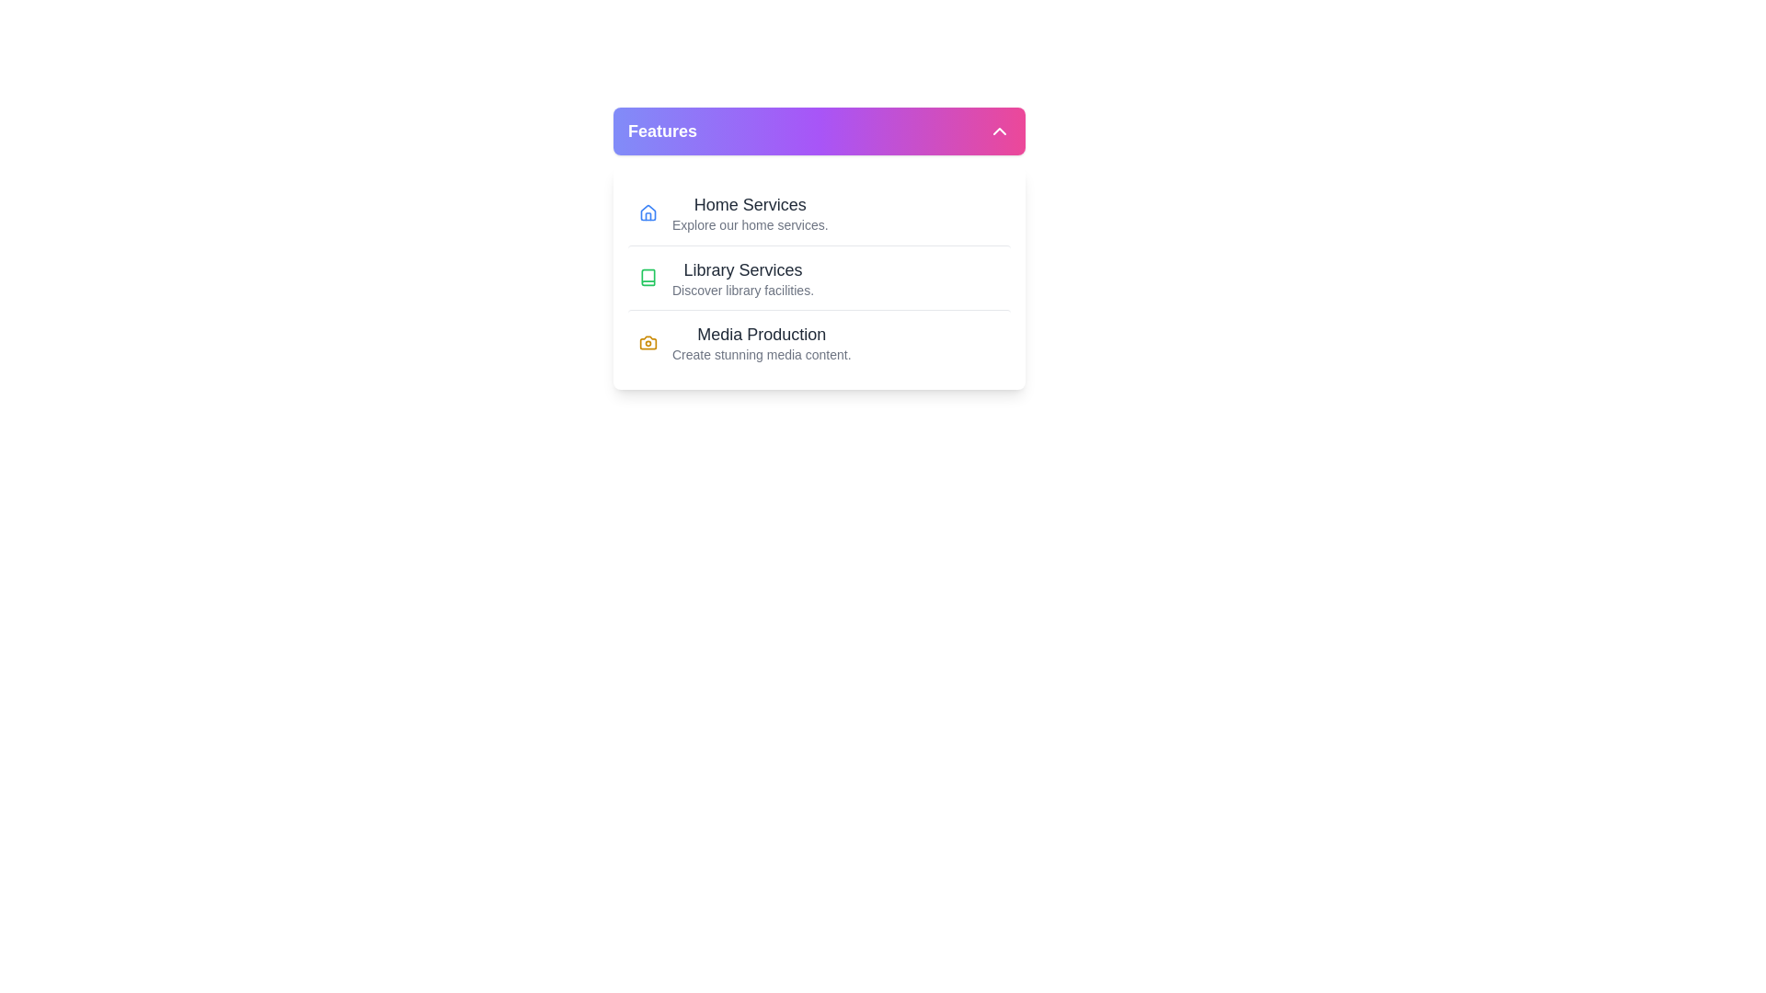  I want to click on the 'Home Services' icon, which visually identifies the home-related functionalities or information in the menu item, located to the left of the text label, so click(648, 211).